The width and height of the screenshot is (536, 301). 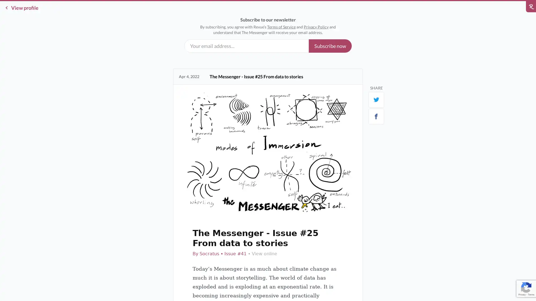 I want to click on Subscribe now, so click(x=330, y=46).